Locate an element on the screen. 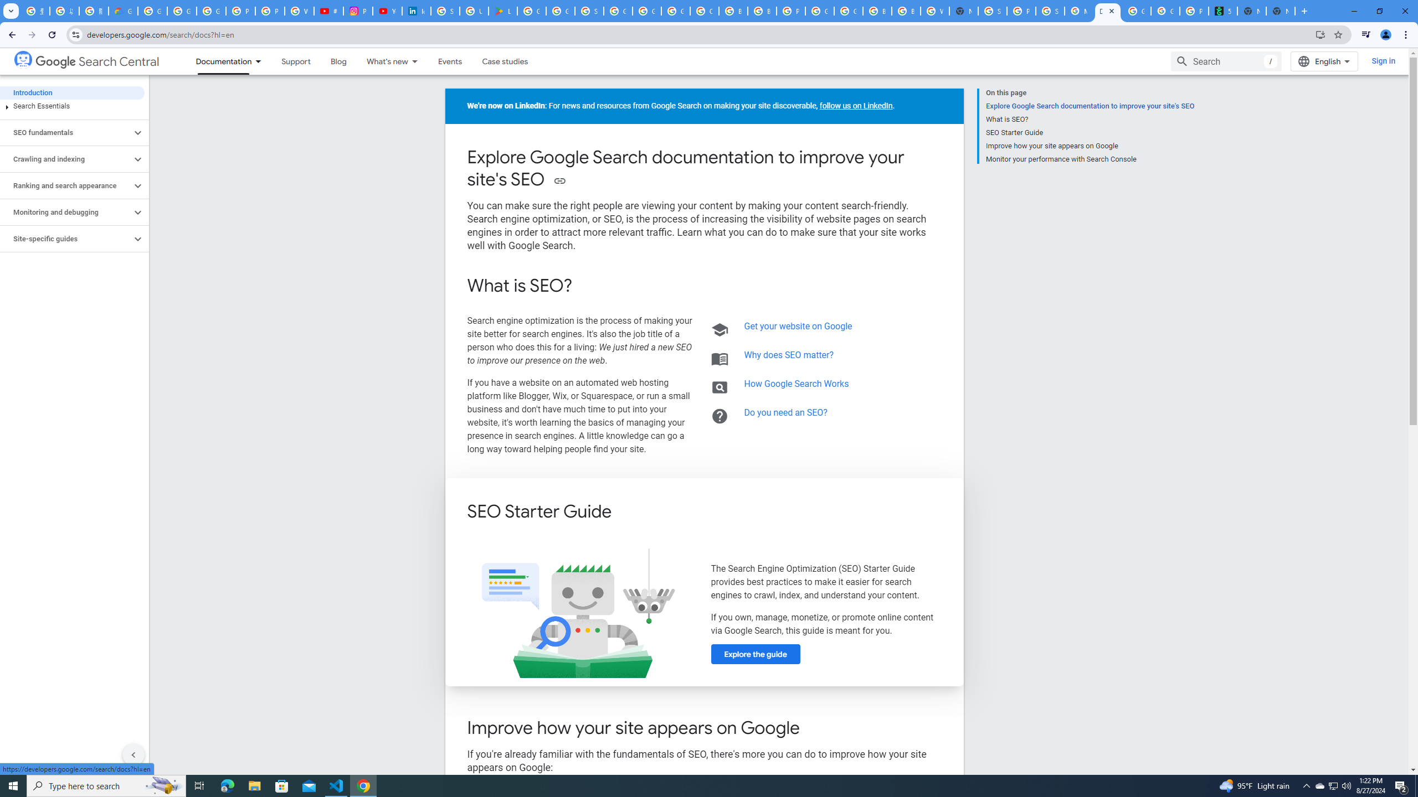  'Do you need an SEO?' is located at coordinates (785, 412).